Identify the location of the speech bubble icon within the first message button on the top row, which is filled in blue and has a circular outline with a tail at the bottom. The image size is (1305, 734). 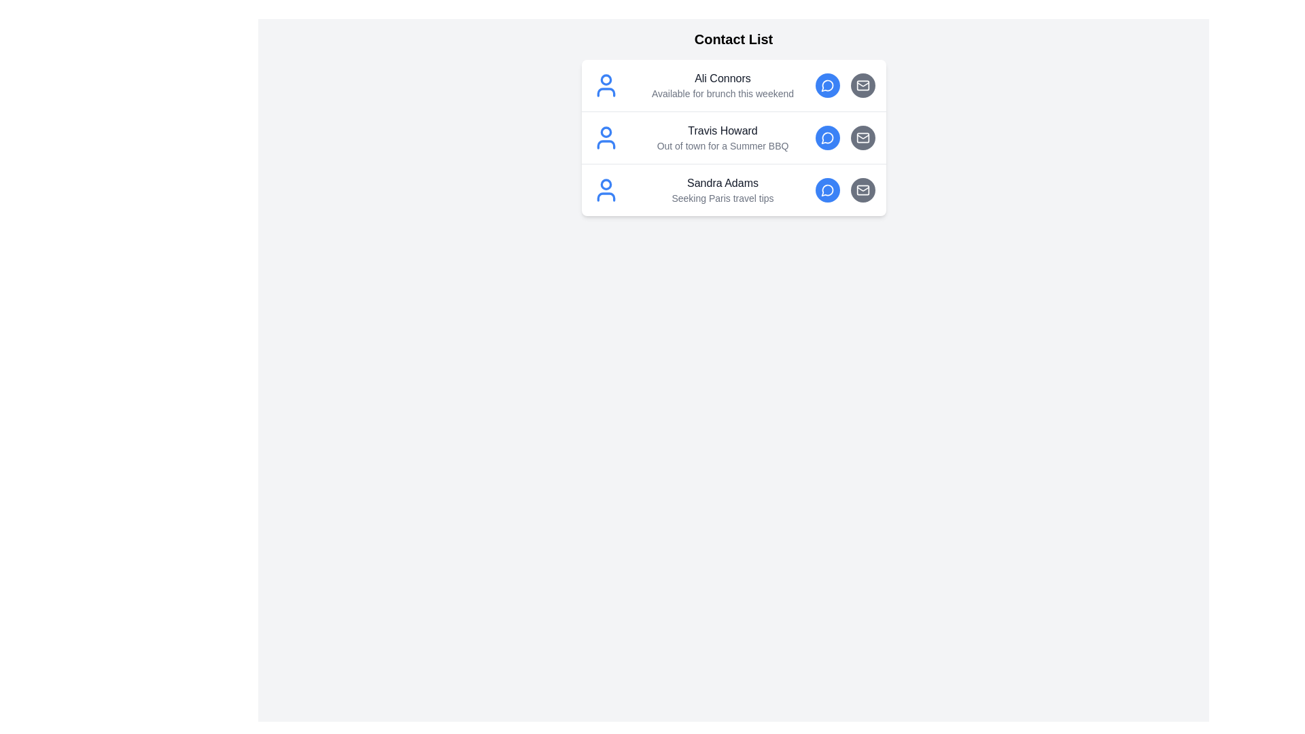
(826, 86).